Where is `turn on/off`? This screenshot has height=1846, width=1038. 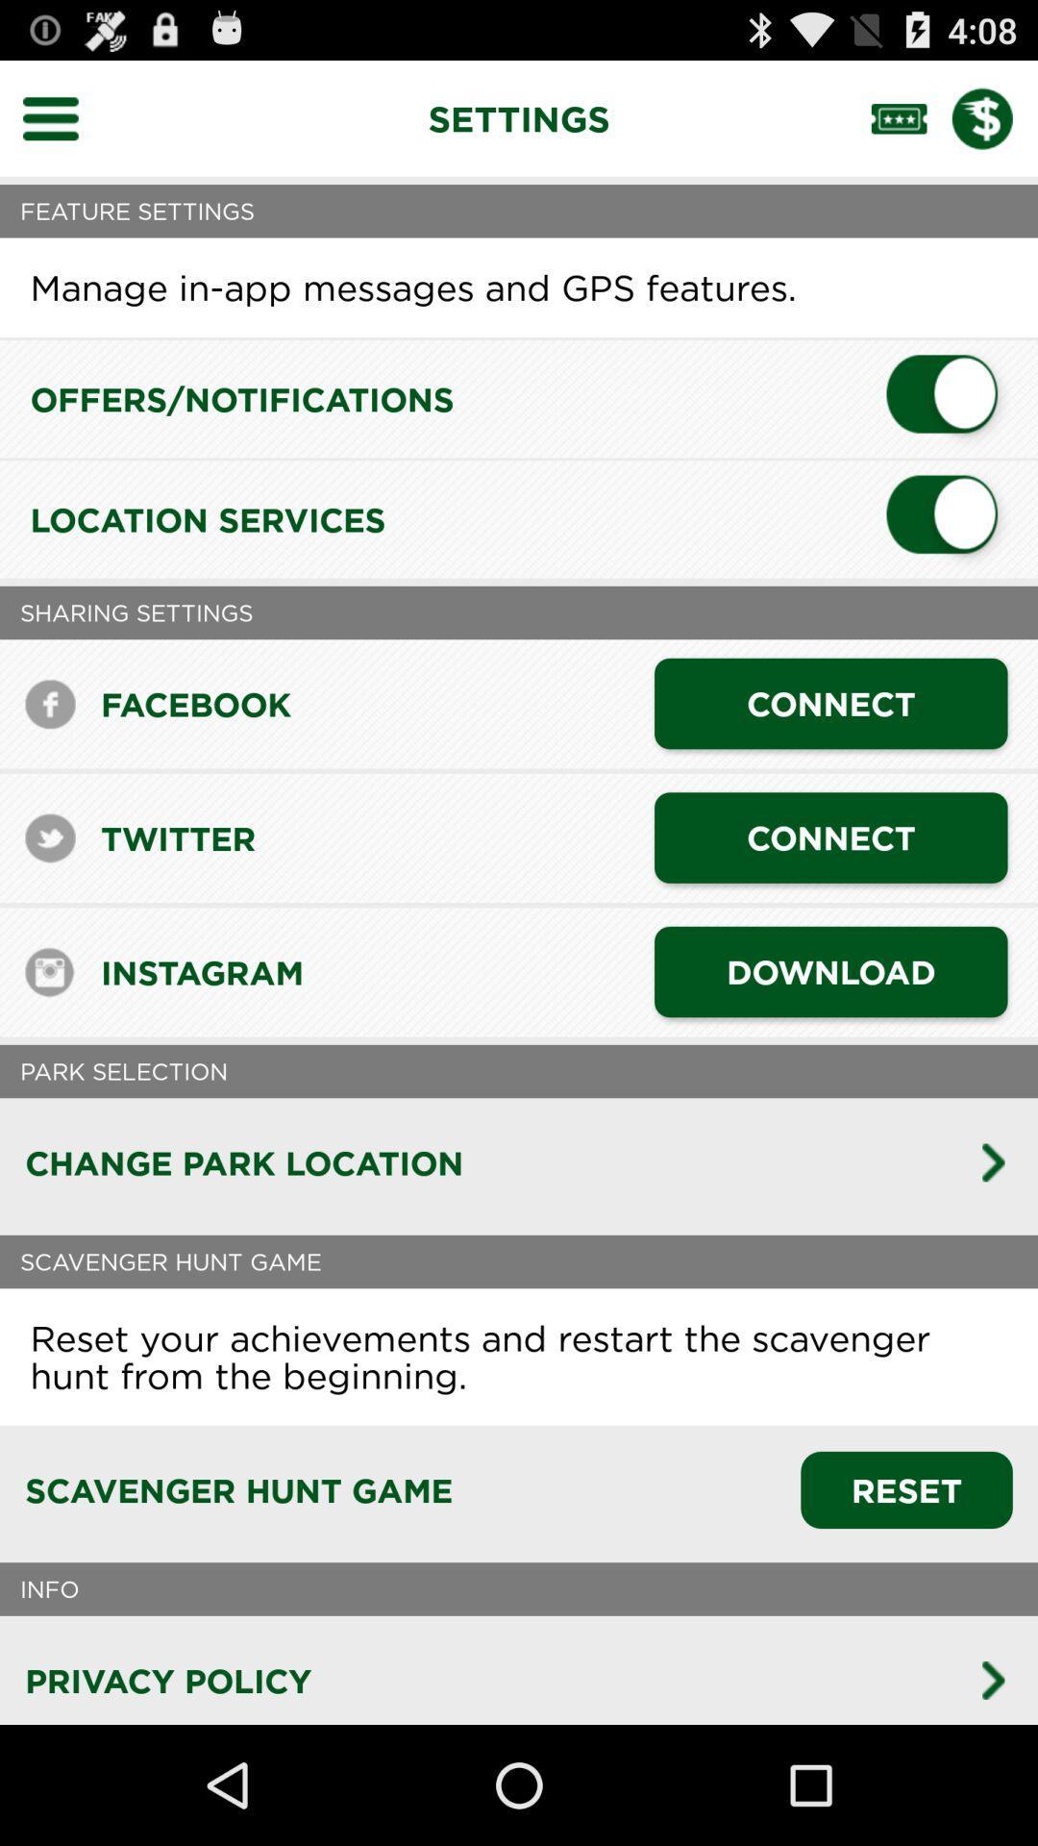
turn on/off is located at coordinates (949, 519).